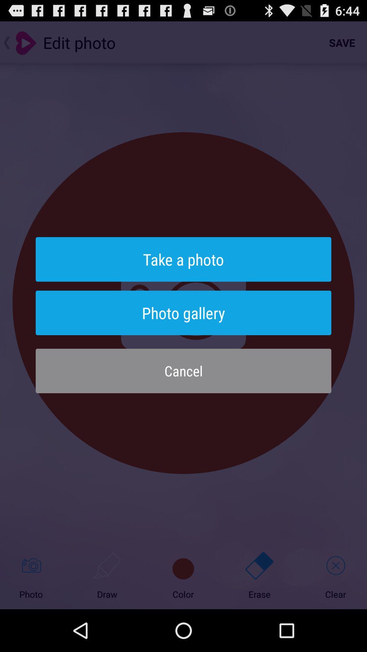 The height and width of the screenshot is (652, 367). Describe the element at coordinates (183, 312) in the screenshot. I see `the button above cancel item` at that location.